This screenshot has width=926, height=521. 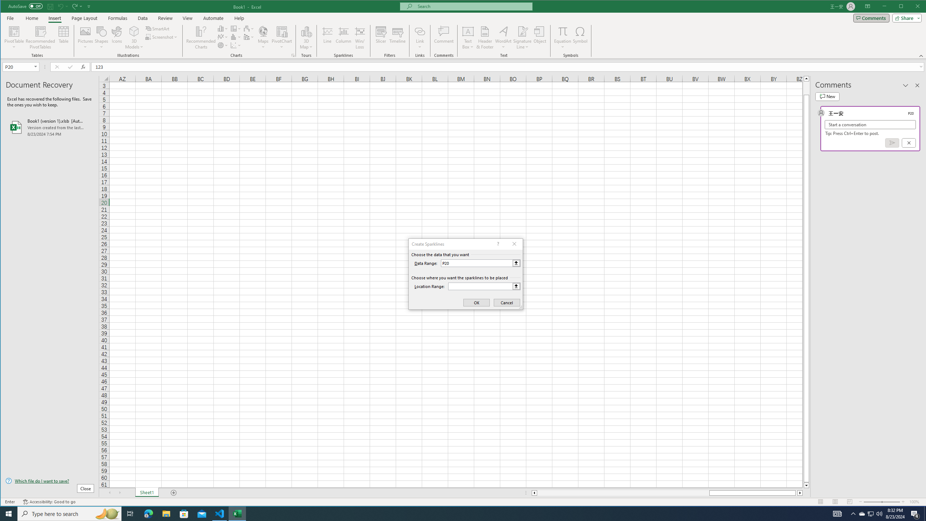 What do you see at coordinates (522, 37) in the screenshot?
I see `'Signature Line'` at bounding box center [522, 37].